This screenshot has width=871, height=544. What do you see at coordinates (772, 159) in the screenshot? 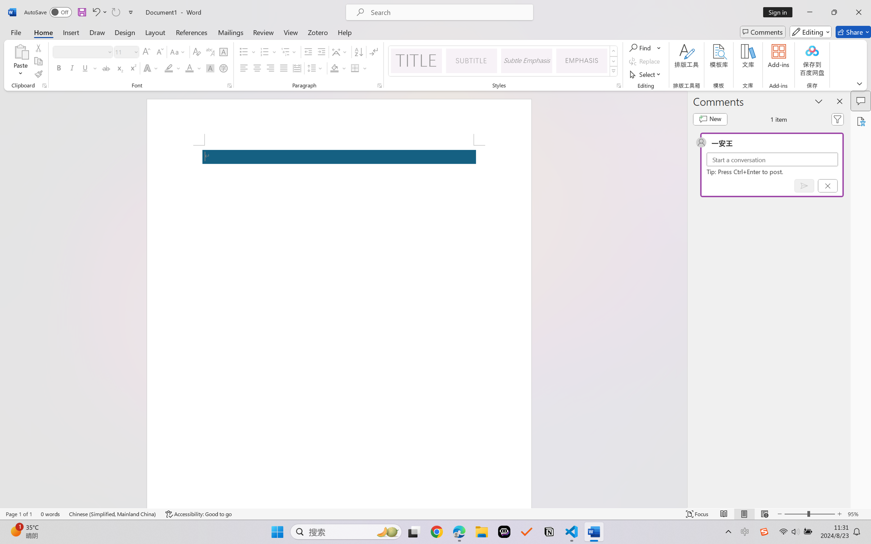
I see `'Start a conversation'` at bounding box center [772, 159].